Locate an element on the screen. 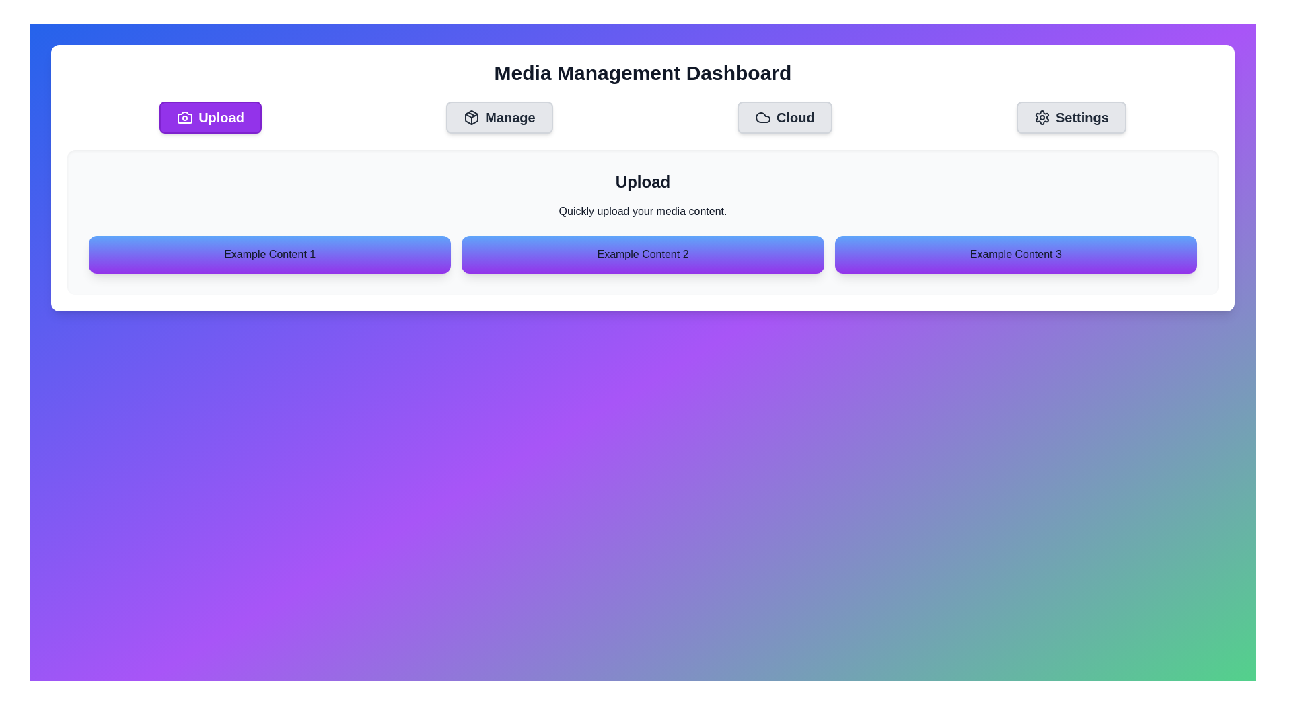  the Settings tab by clicking its corresponding button is located at coordinates (1071, 116).